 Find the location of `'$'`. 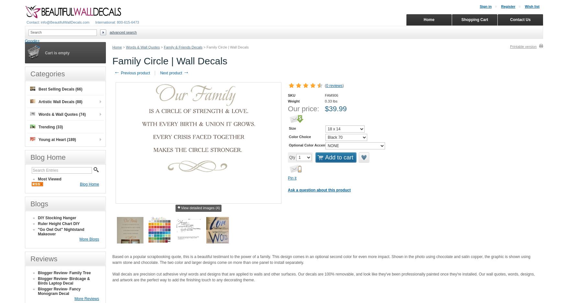

'$' is located at coordinates (324, 109).